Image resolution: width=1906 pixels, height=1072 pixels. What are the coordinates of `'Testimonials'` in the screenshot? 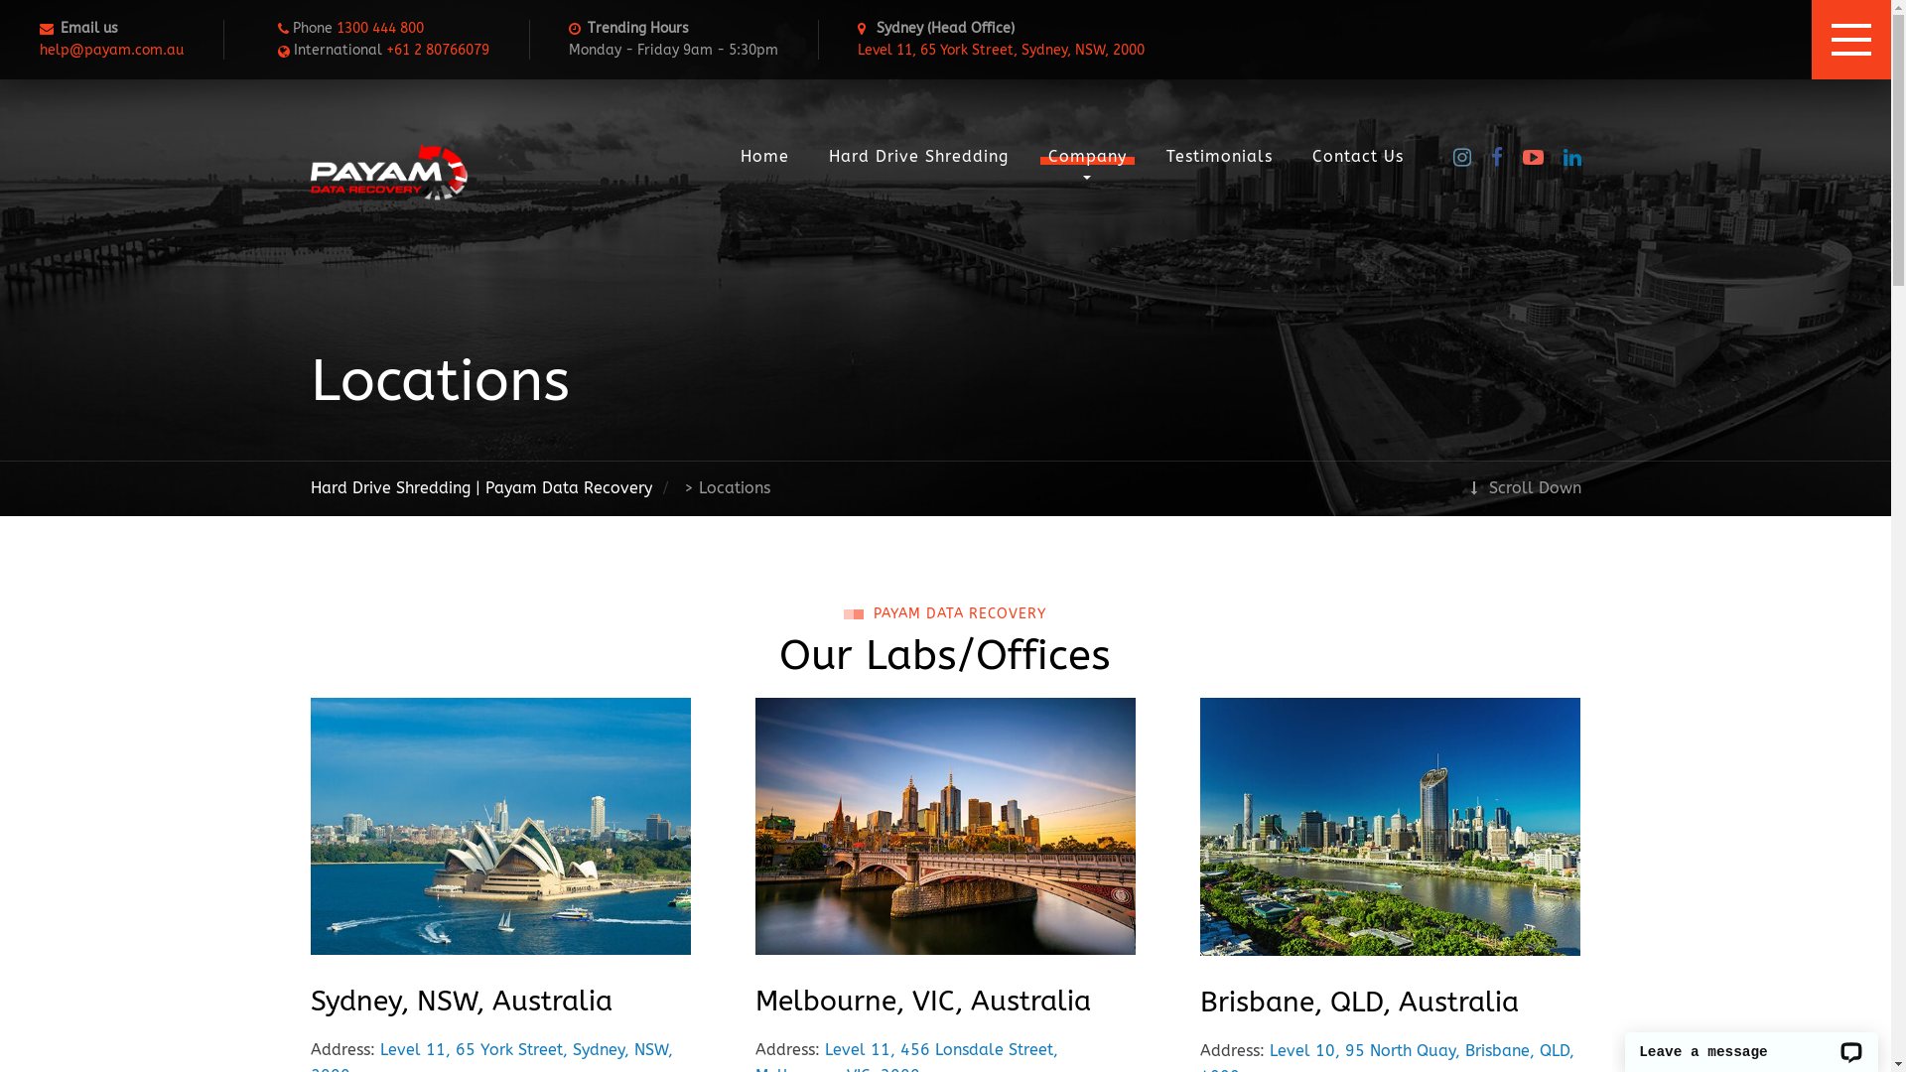 It's located at (1217, 156).